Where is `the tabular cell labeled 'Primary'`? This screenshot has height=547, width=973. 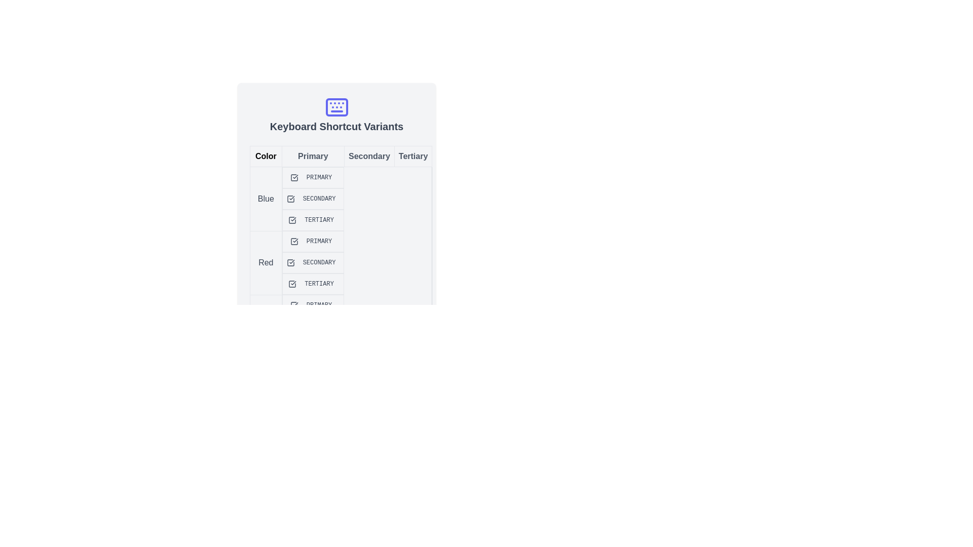 the tabular cell labeled 'Primary' is located at coordinates (313, 304).